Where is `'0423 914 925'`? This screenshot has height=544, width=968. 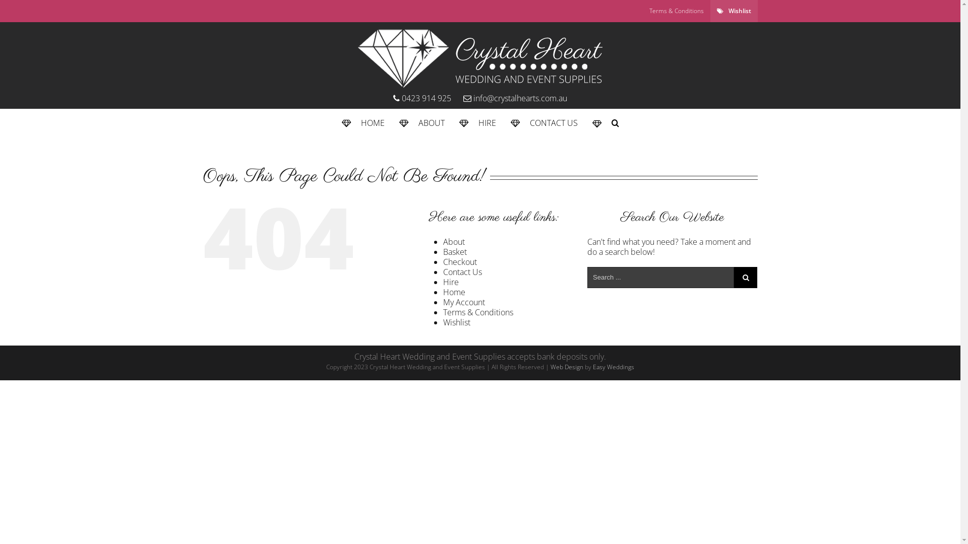 '0423 914 925' is located at coordinates (392, 98).